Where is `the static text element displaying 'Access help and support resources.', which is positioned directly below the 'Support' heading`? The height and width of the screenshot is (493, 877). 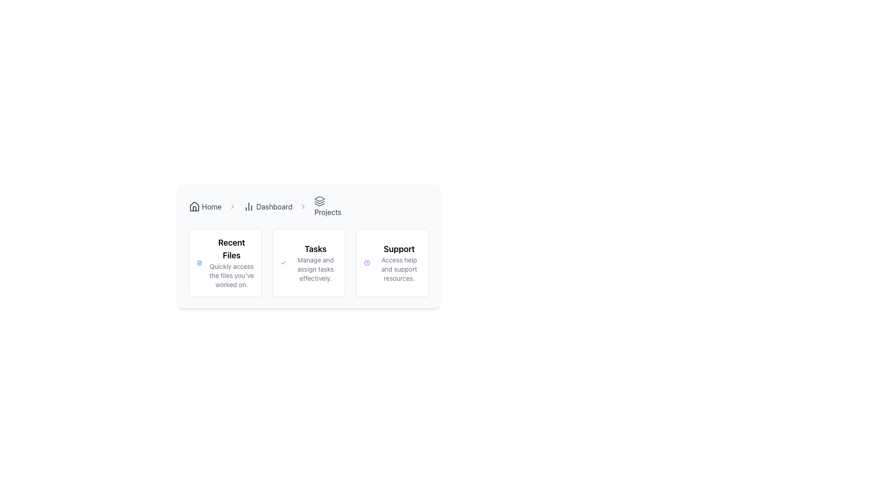
the static text element displaying 'Access help and support resources.', which is positioned directly below the 'Support' heading is located at coordinates (399, 269).